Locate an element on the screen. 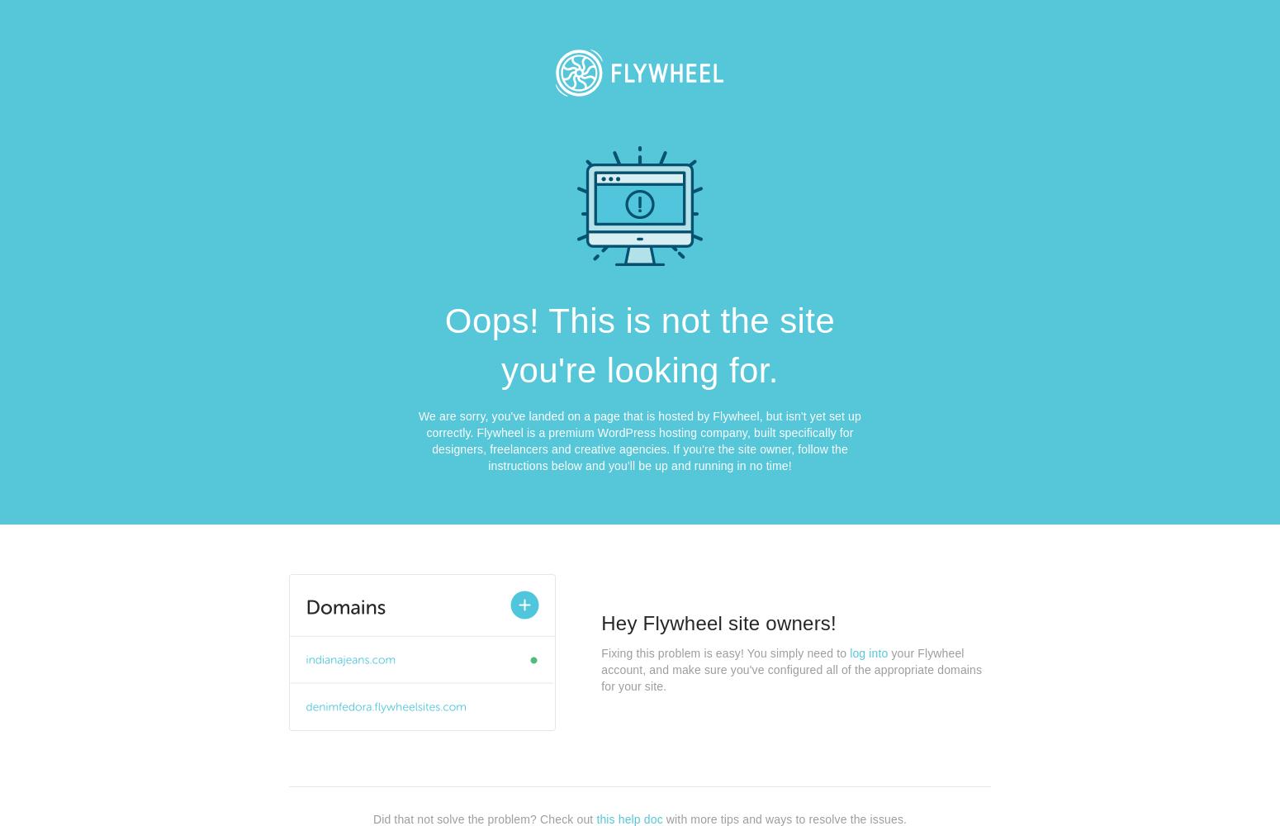 Image resolution: width=1280 pixels, height=826 pixels. 'Oops! This is not the site' is located at coordinates (639, 320).